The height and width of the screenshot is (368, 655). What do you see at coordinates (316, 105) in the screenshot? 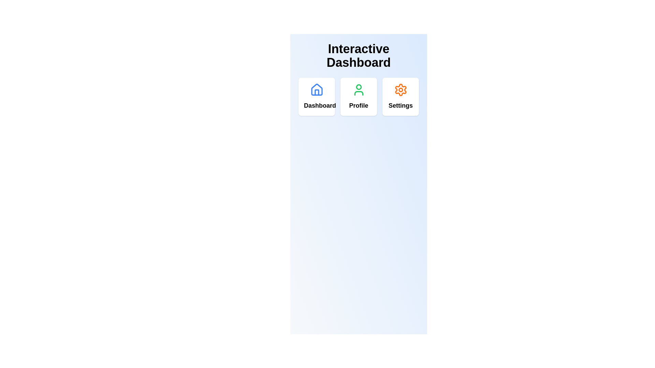
I see `the 'Dashboard' text label, which is displayed in a bold font style and is centered within a rectangular area, located under a house icon in the leftmost card of a grid layout` at bounding box center [316, 105].